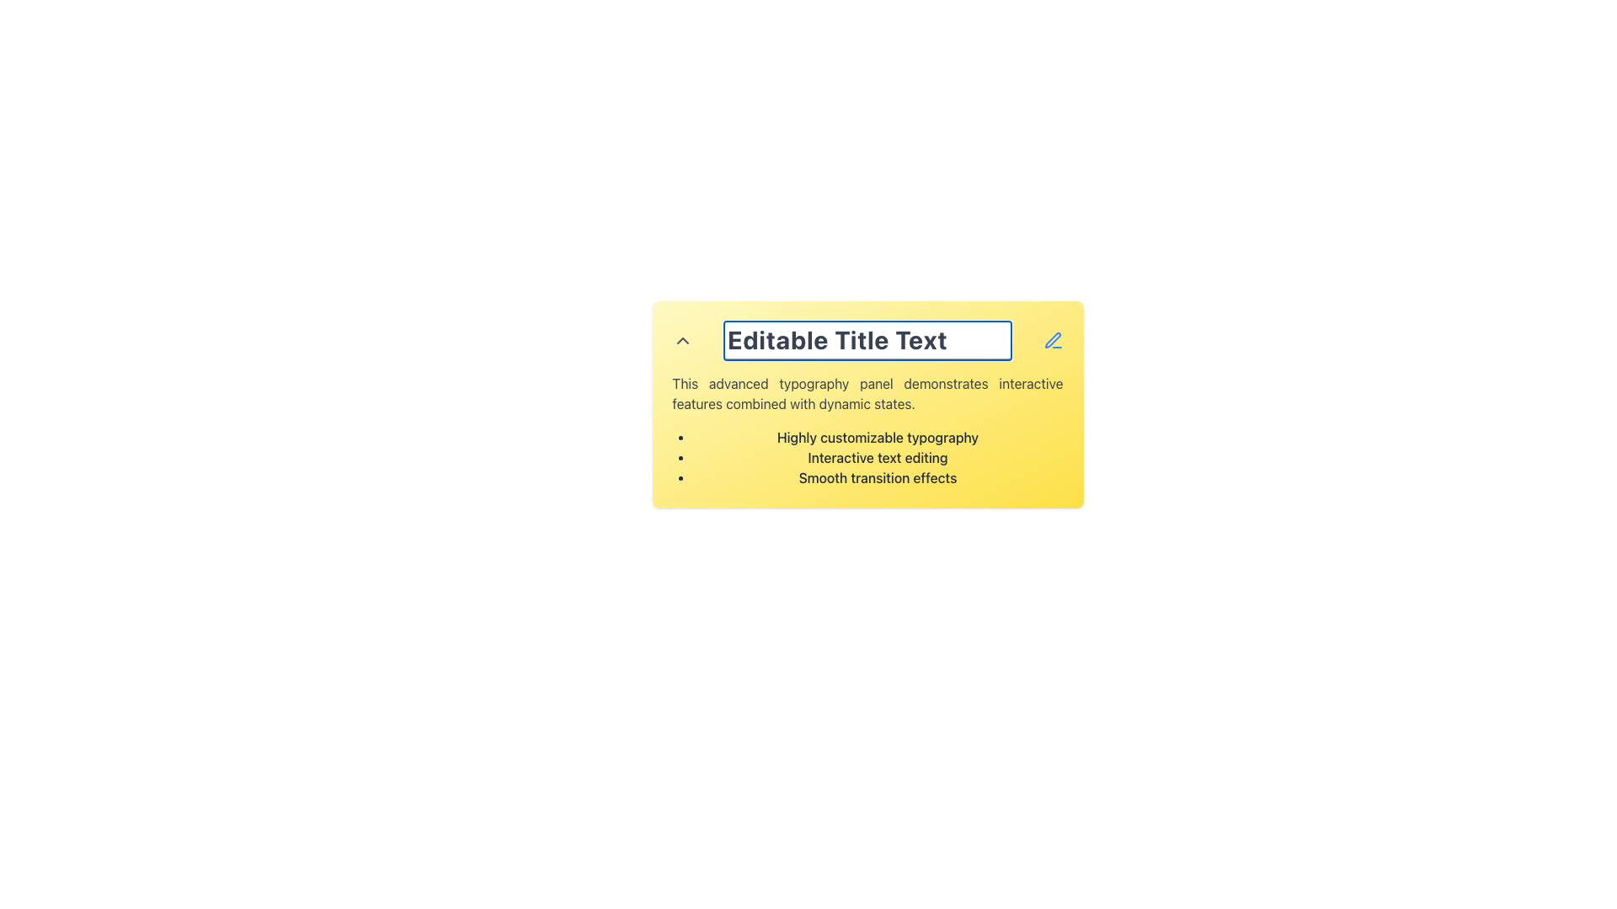  What do you see at coordinates (877, 437) in the screenshot?
I see `the first item in the bulleted list labeled as a Text label, which describes typography features and is located under 'Editable Title Text'` at bounding box center [877, 437].